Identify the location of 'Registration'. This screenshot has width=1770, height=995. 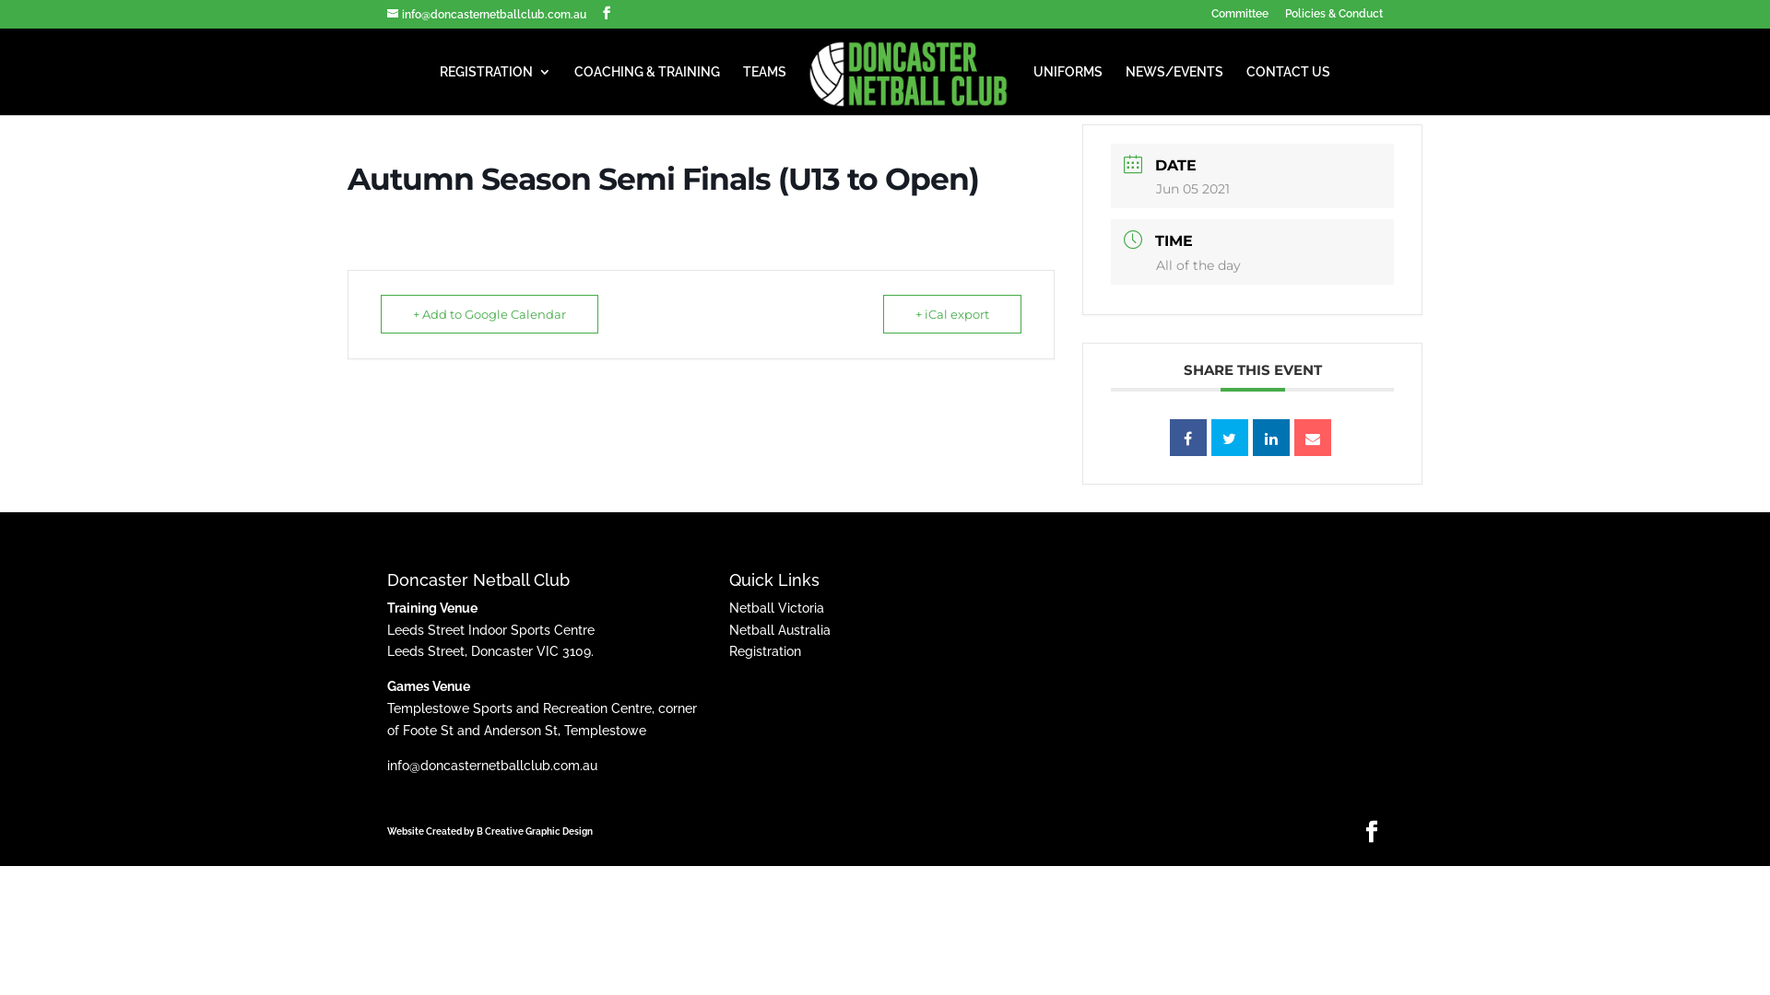
(728, 650).